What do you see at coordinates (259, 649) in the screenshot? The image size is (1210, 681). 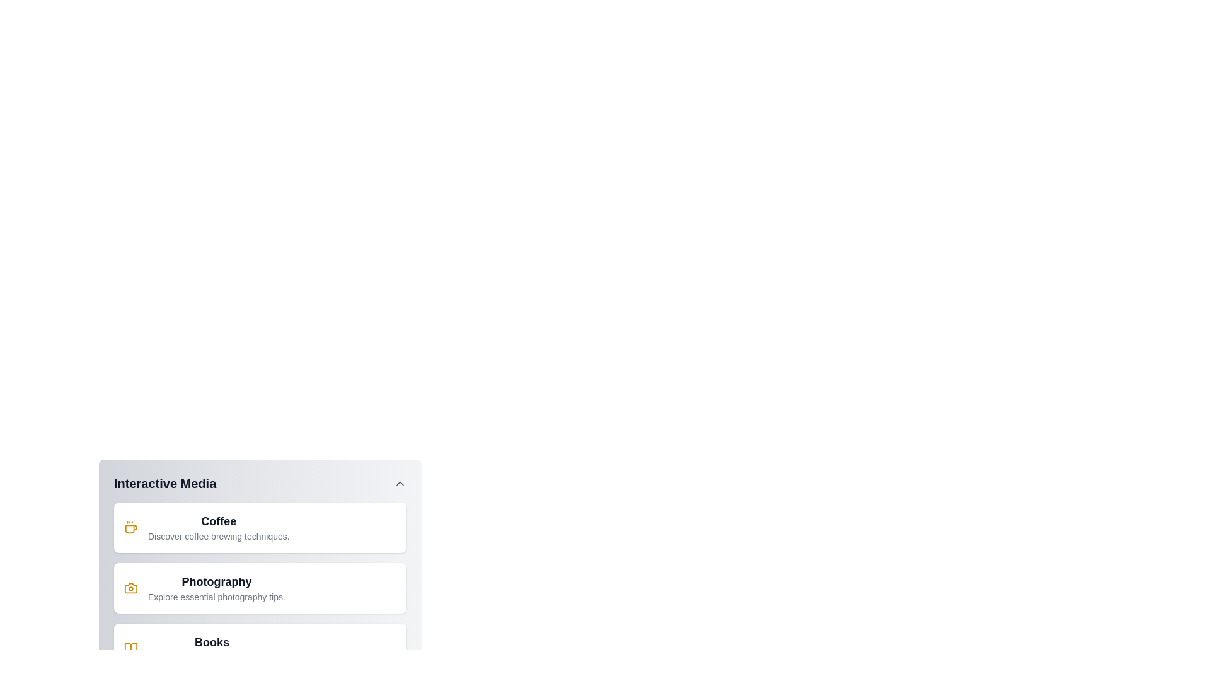 I see `the menu item Books` at bounding box center [259, 649].